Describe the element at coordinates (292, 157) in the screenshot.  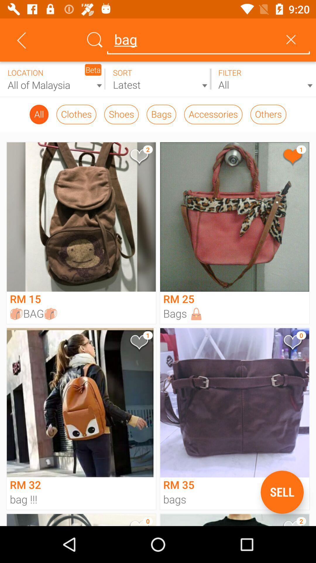
I see `bag rm25` at that location.